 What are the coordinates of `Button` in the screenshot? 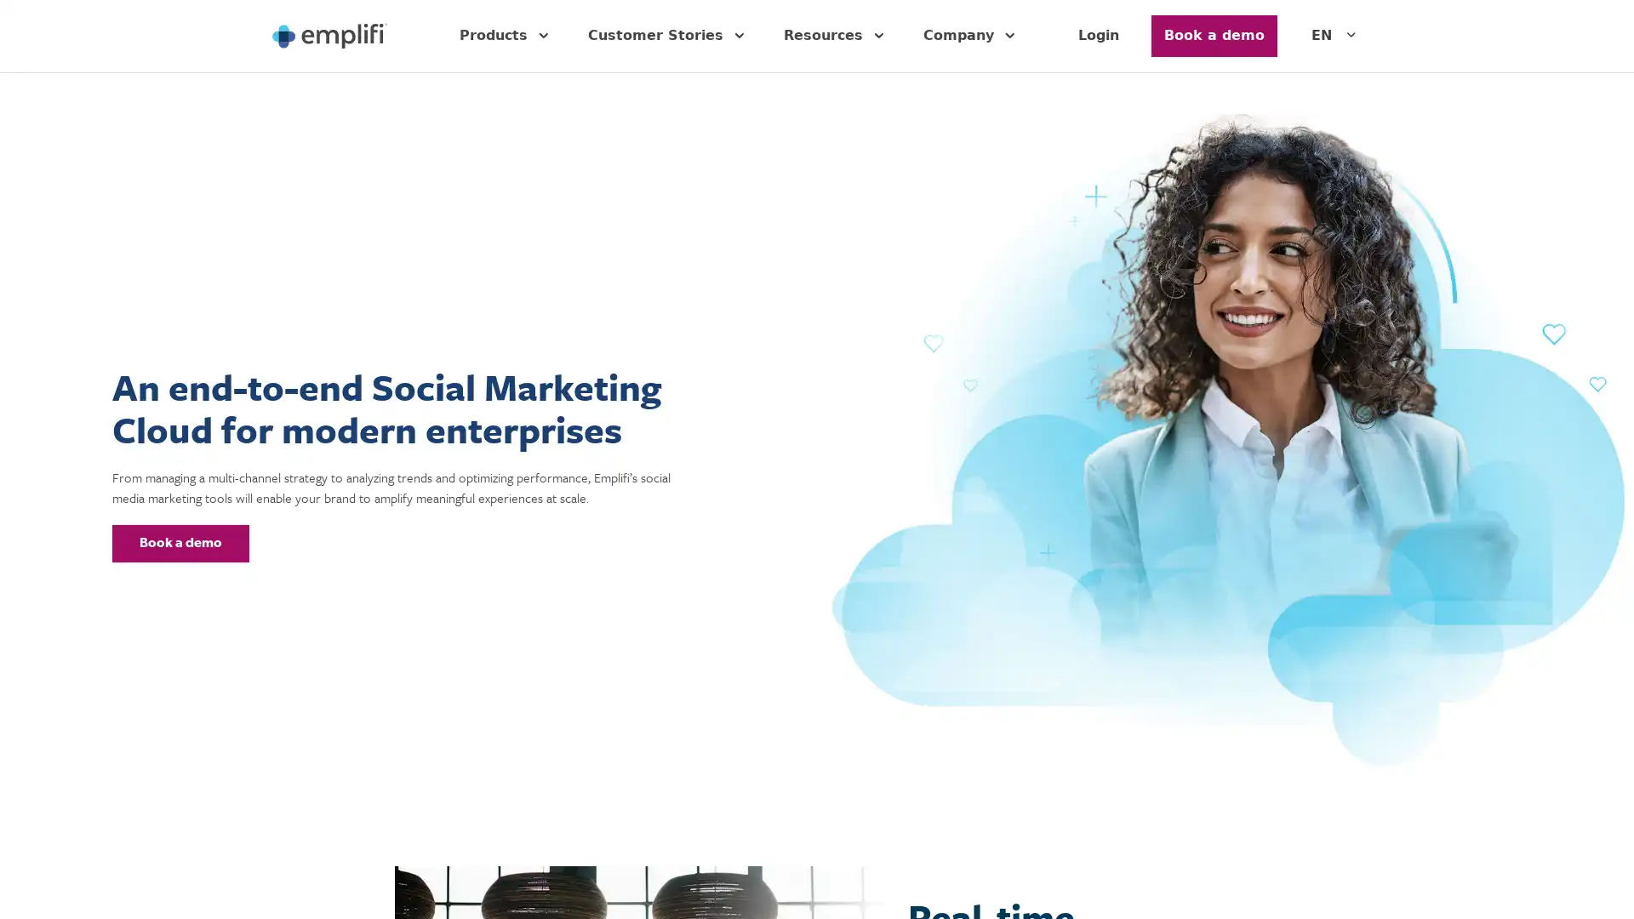 It's located at (1213, 36).